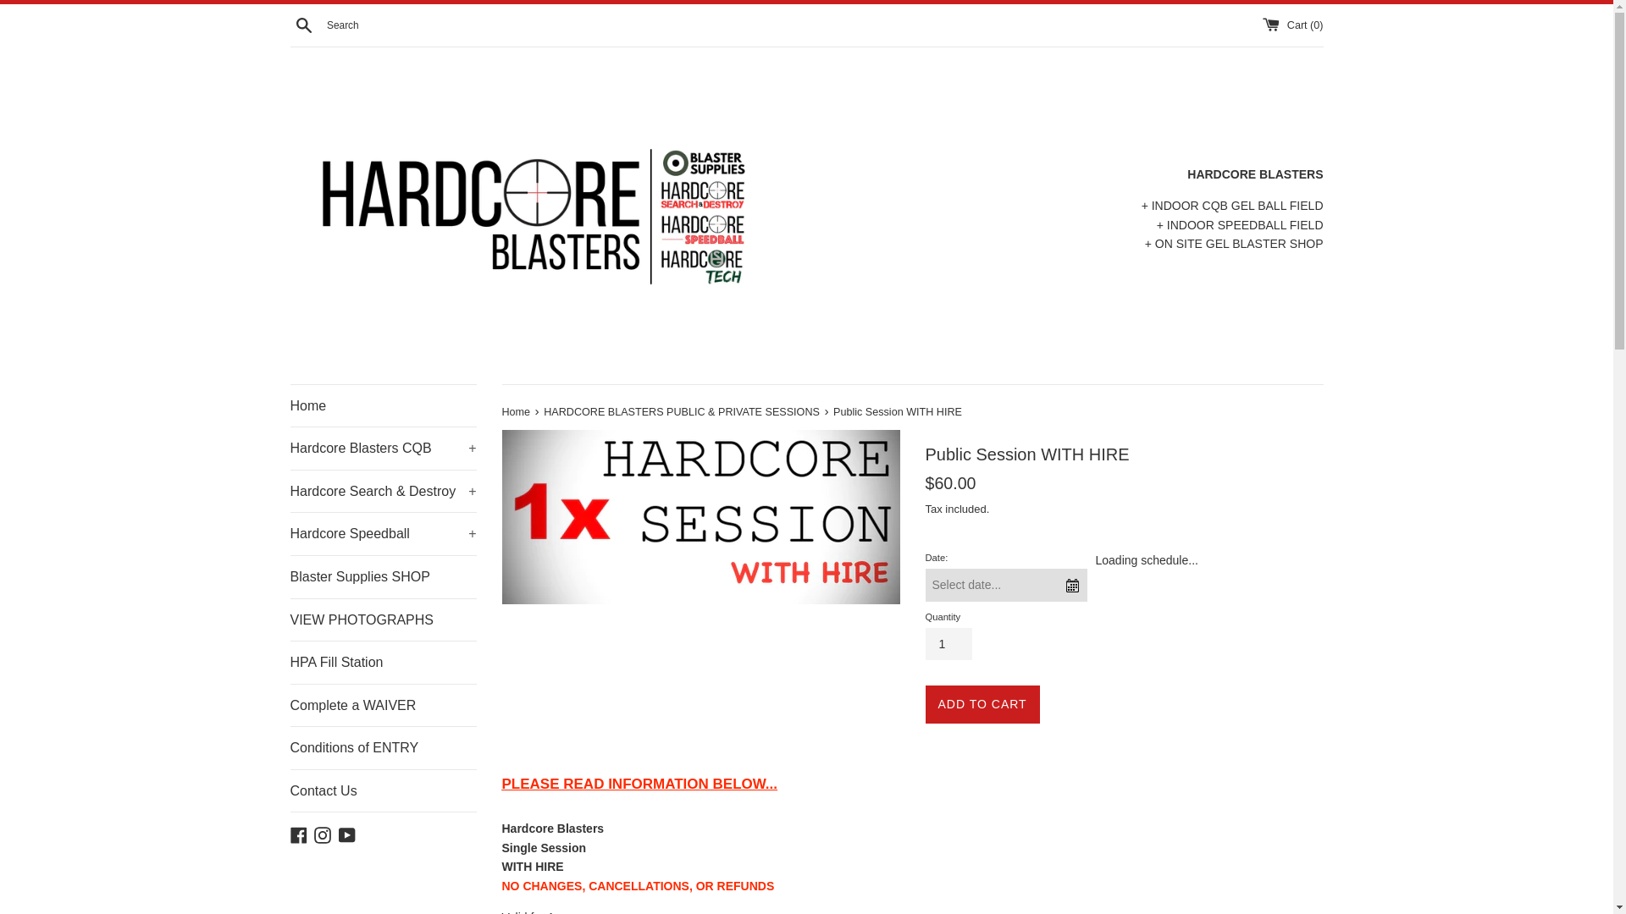 This screenshot has width=1626, height=914. Describe the element at coordinates (303, 23) in the screenshot. I see `'Search'` at that location.